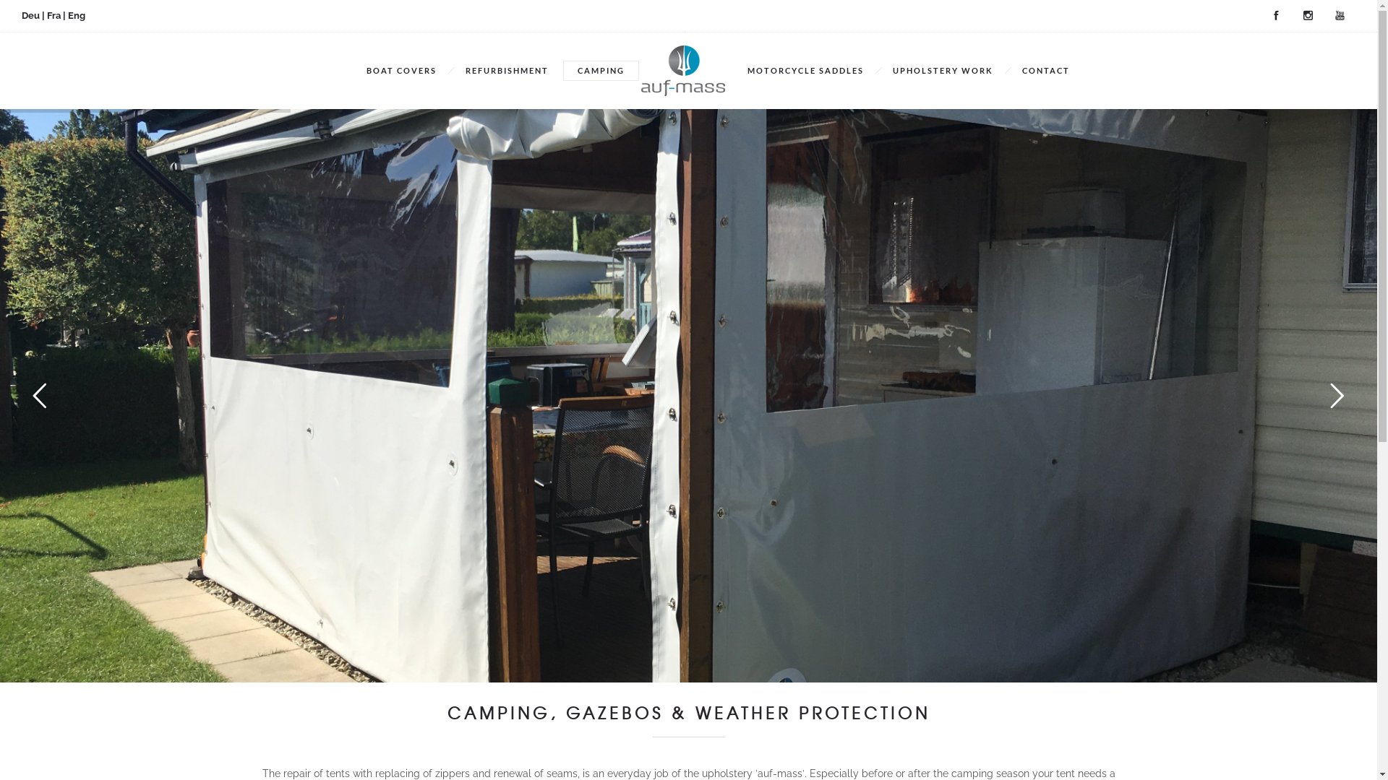  I want to click on 'MOTORCYCLE SADDLES', so click(805, 70).